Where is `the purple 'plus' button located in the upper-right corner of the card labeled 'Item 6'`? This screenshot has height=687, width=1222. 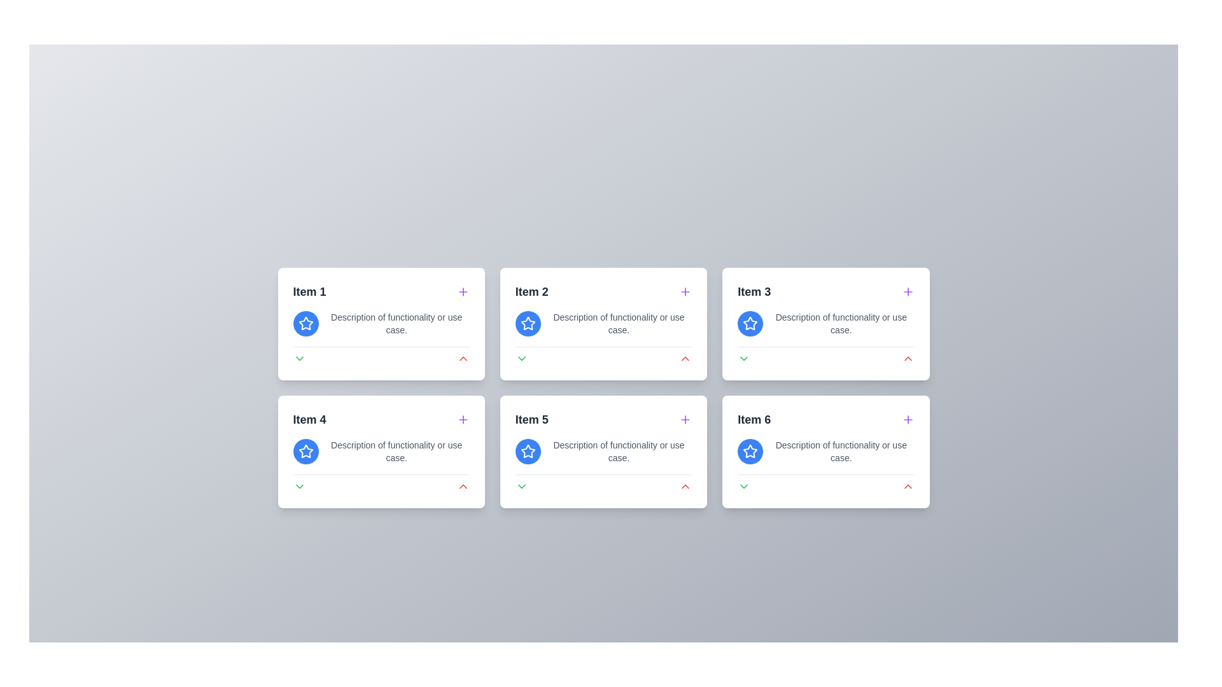 the purple 'plus' button located in the upper-right corner of the card labeled 'Item 6' is located at coordinates (907, 419).